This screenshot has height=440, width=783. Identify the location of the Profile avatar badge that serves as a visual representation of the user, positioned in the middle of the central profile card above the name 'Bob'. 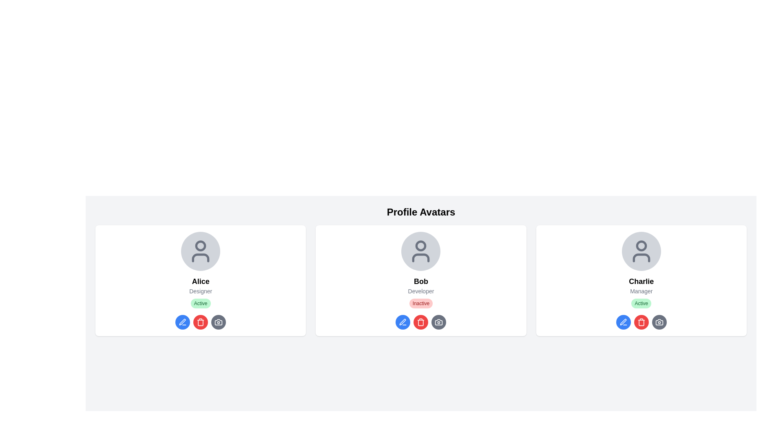
(421, 251).